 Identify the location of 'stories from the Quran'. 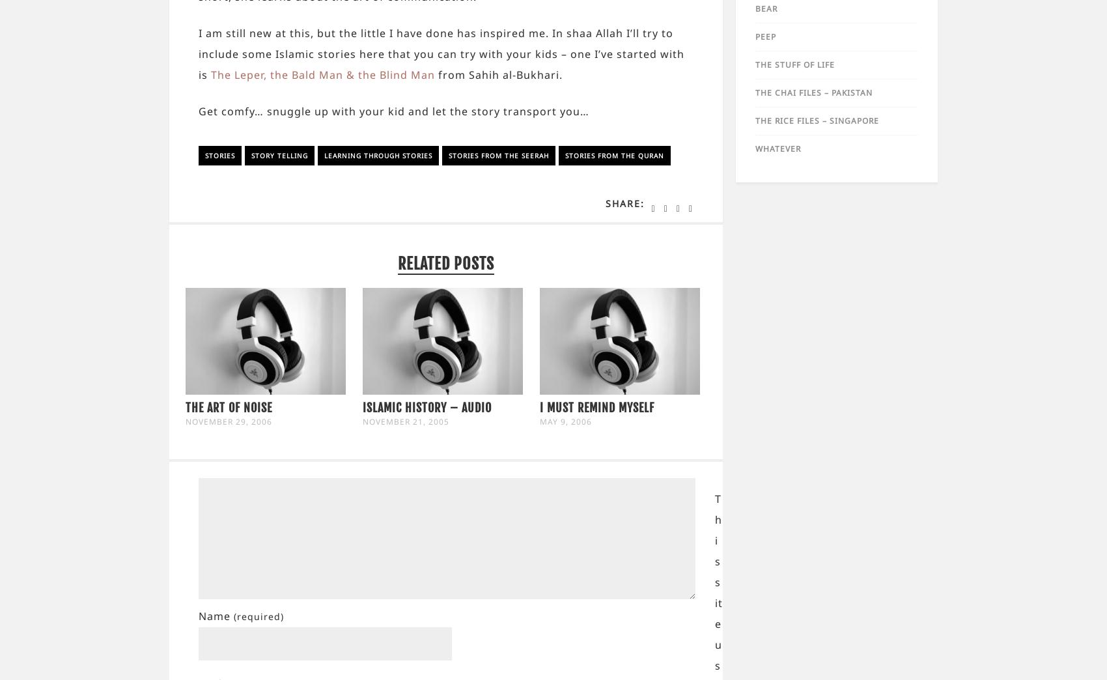
(615, 155).